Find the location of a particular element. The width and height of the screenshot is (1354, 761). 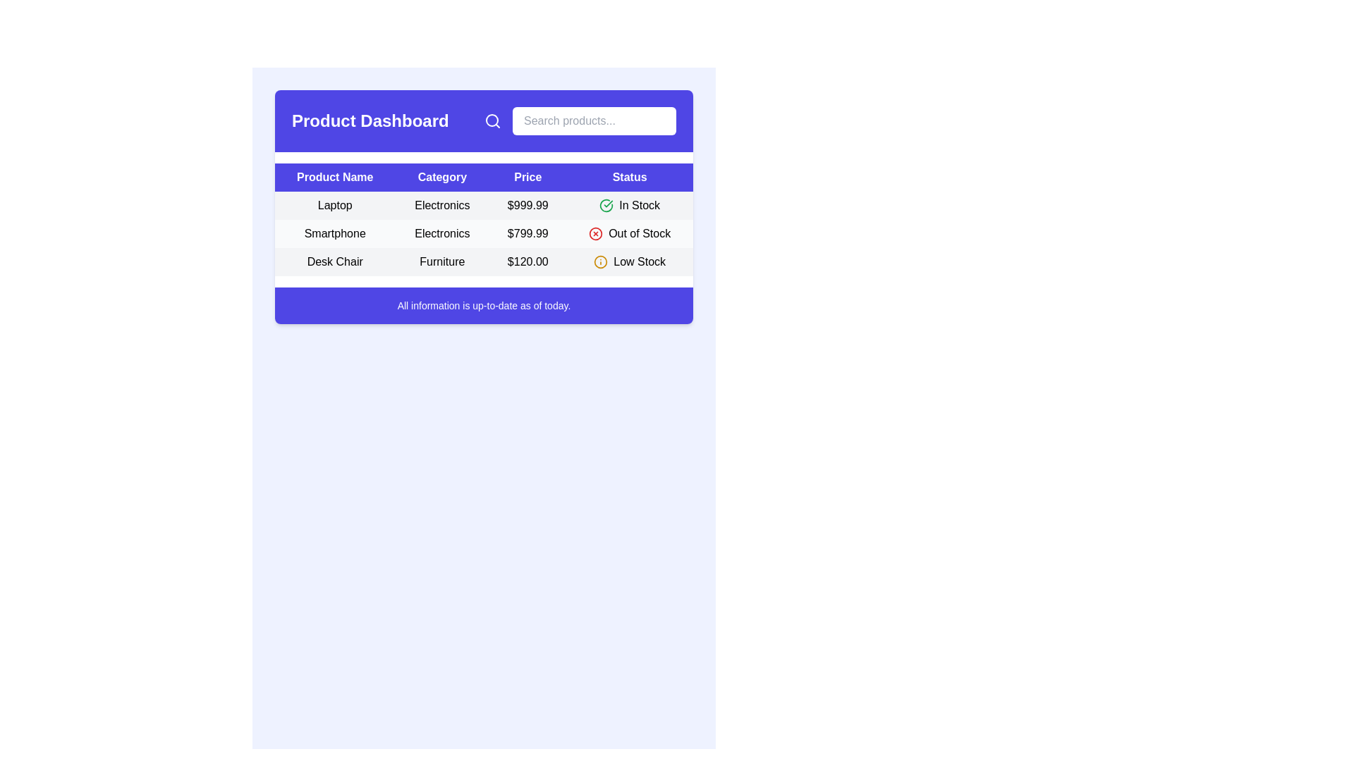

the 'Status' column header label in the table, which is the fourth column header located to the right of the 'Price' column is located at coordinates (629, 176).